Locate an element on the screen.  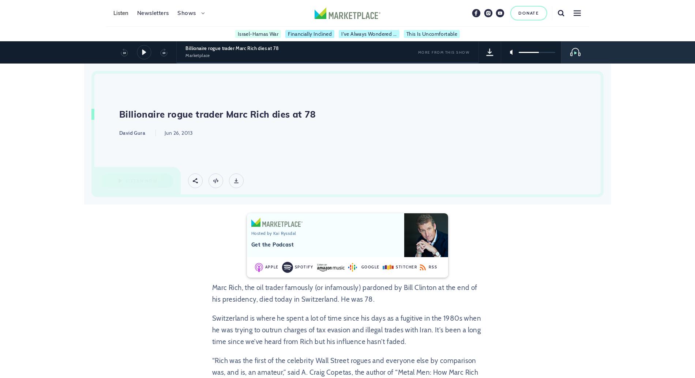
'Get the Podcast' is located at coordinates (272, 244).